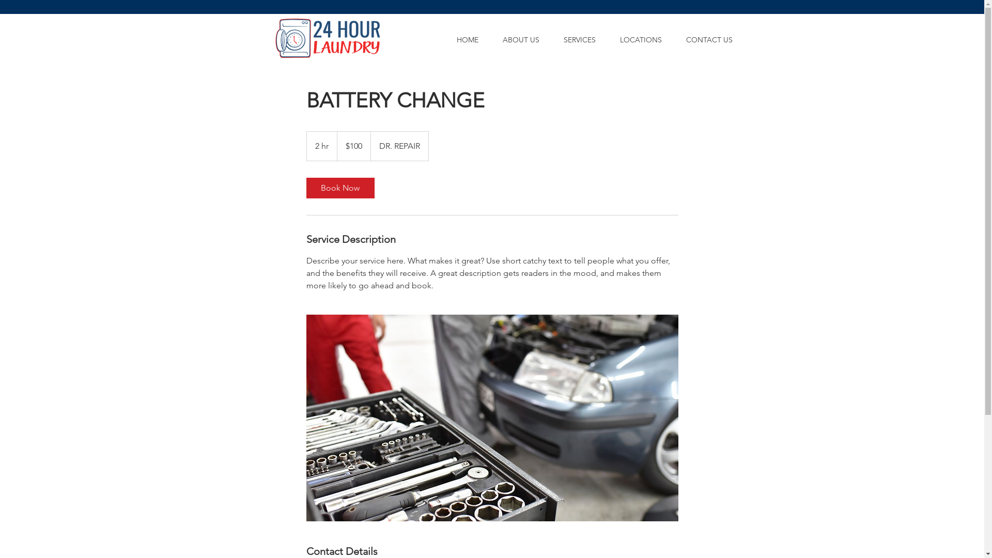  What do you see at coordinates (339, 188) in the screenshot?
I see `'Book Now'` at bounding box center [339, 188].